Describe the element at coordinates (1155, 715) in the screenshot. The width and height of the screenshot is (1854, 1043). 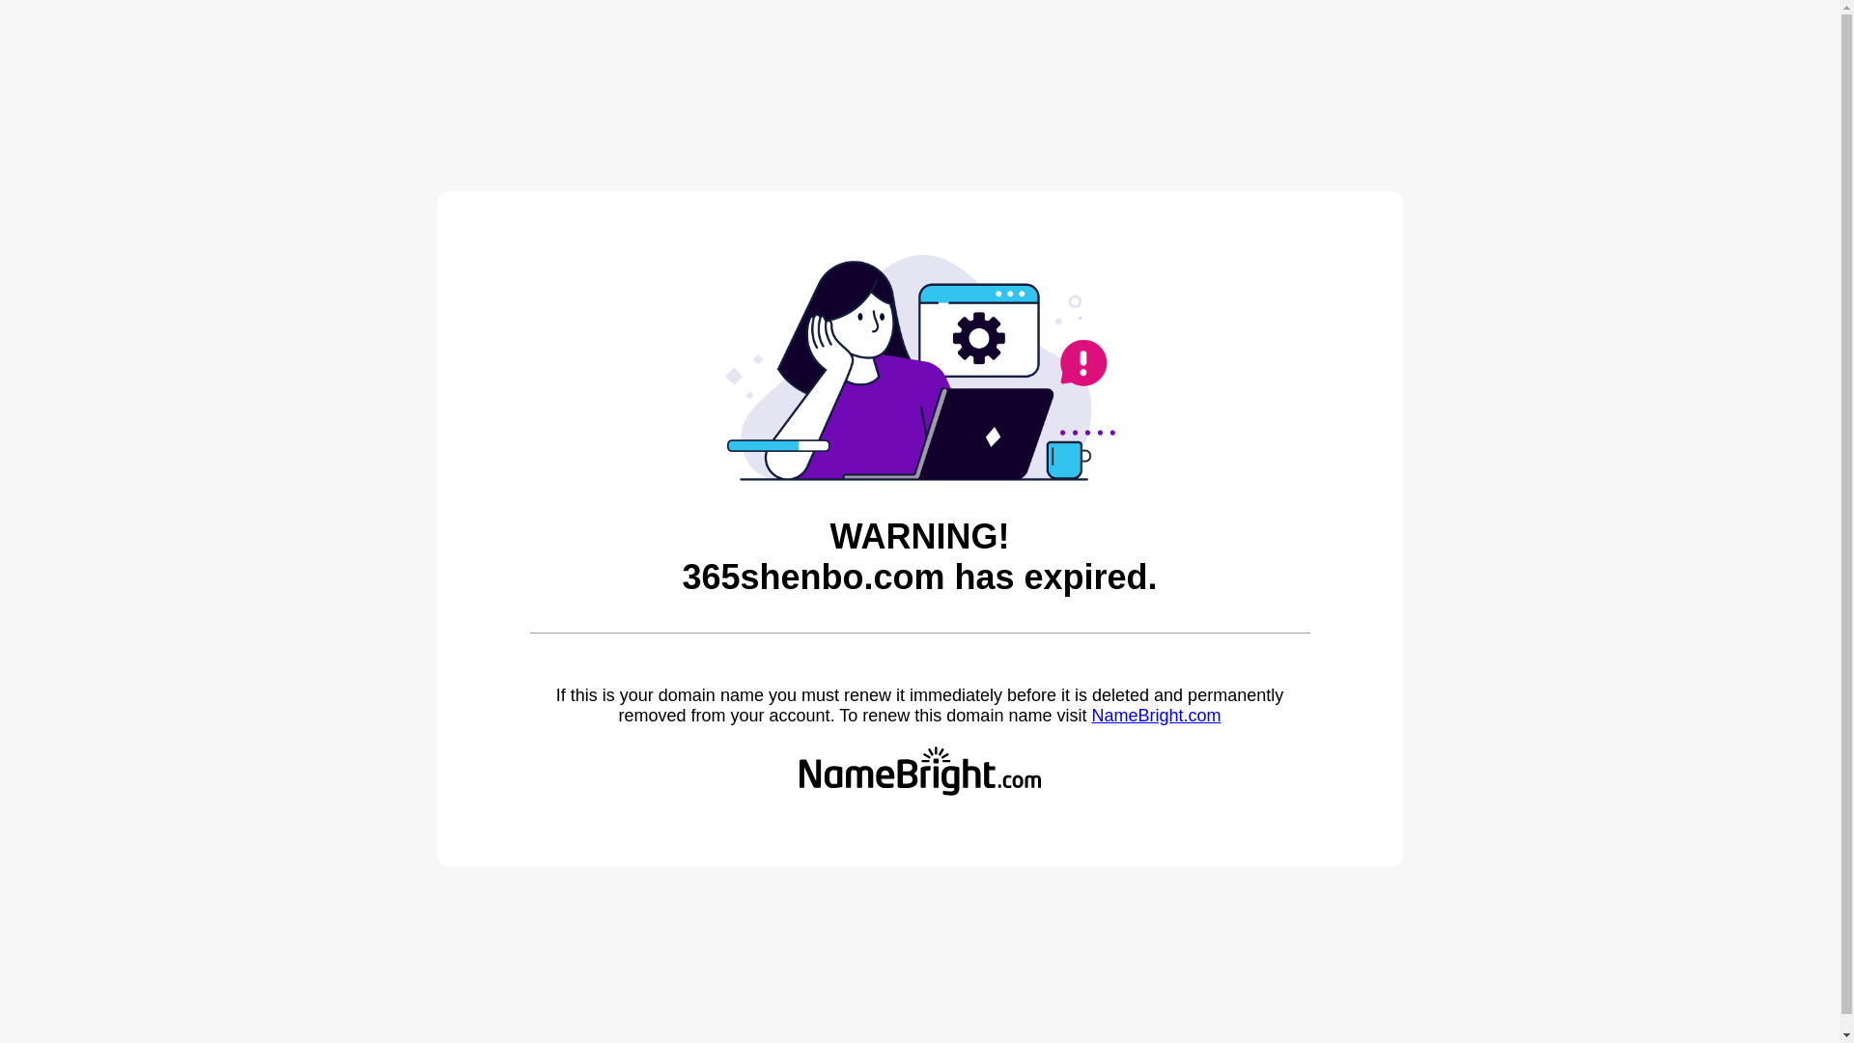
I see `'NameBright.com'` at that location.